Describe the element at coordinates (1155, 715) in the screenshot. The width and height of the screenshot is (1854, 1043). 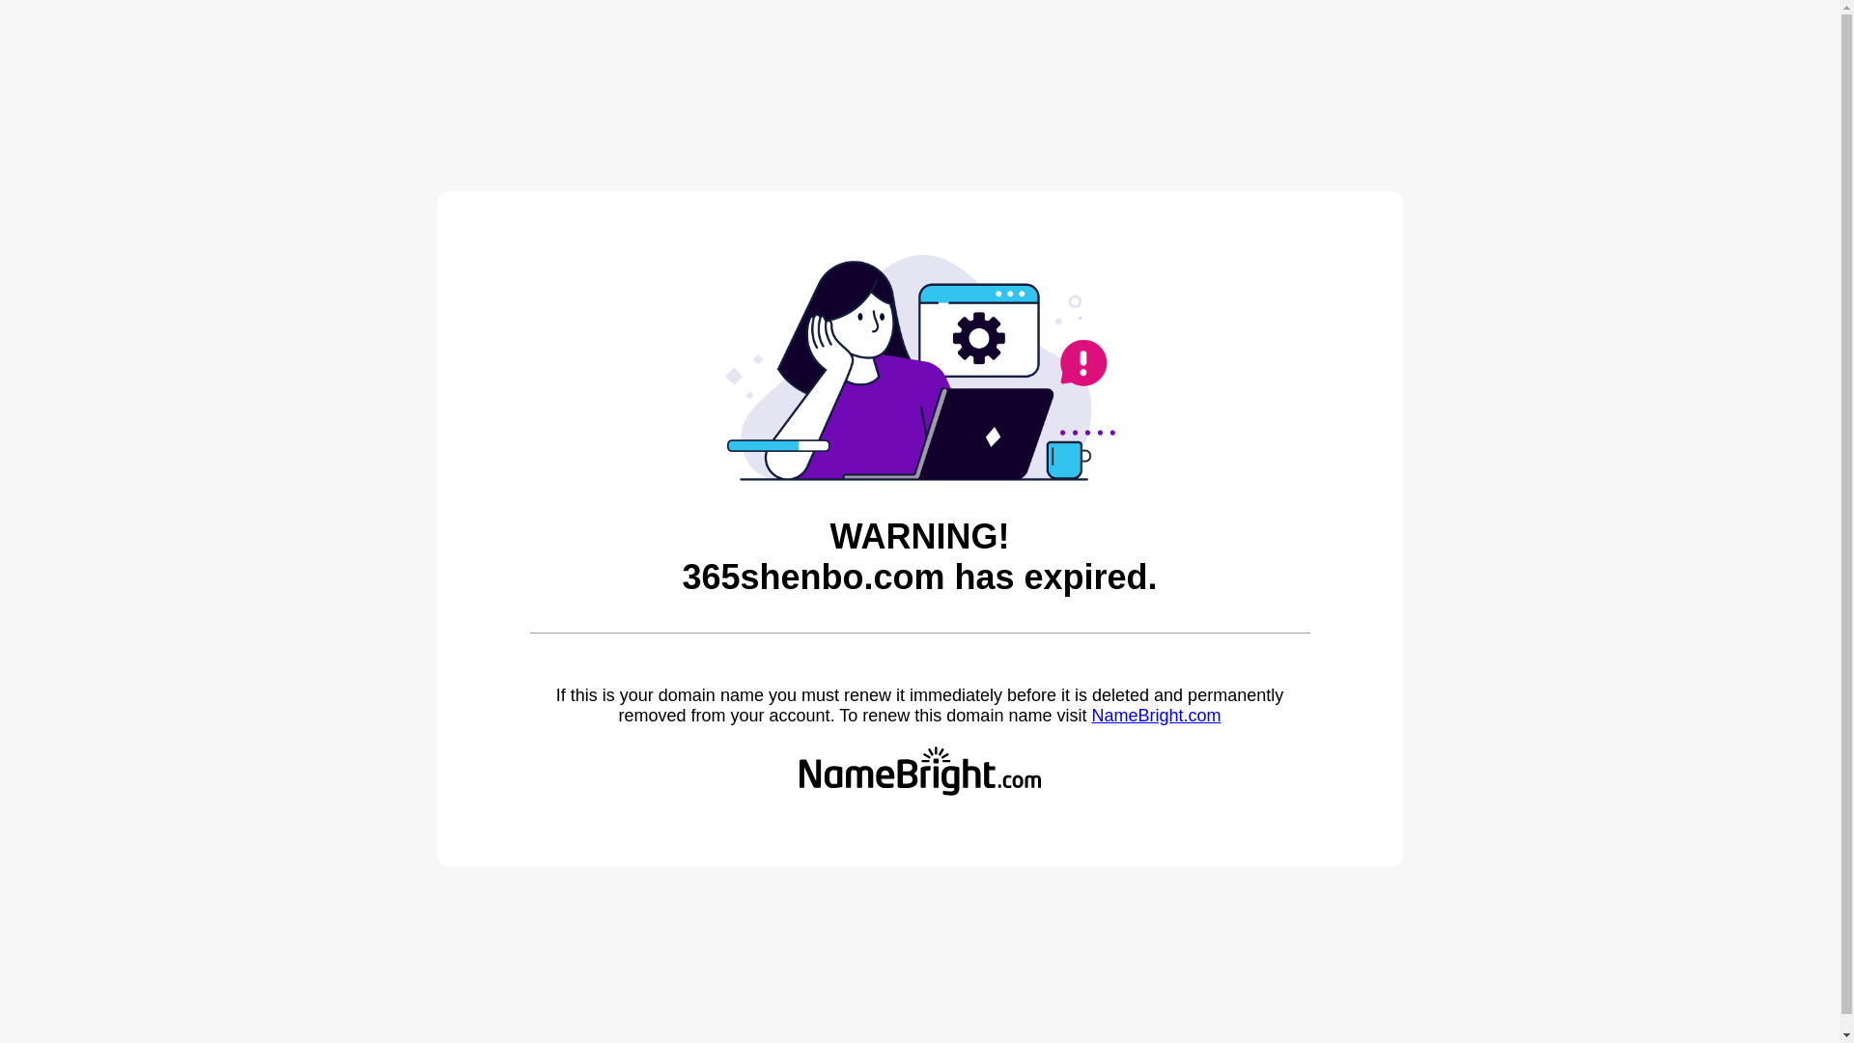
I see `'NameBright.com'` at that location.